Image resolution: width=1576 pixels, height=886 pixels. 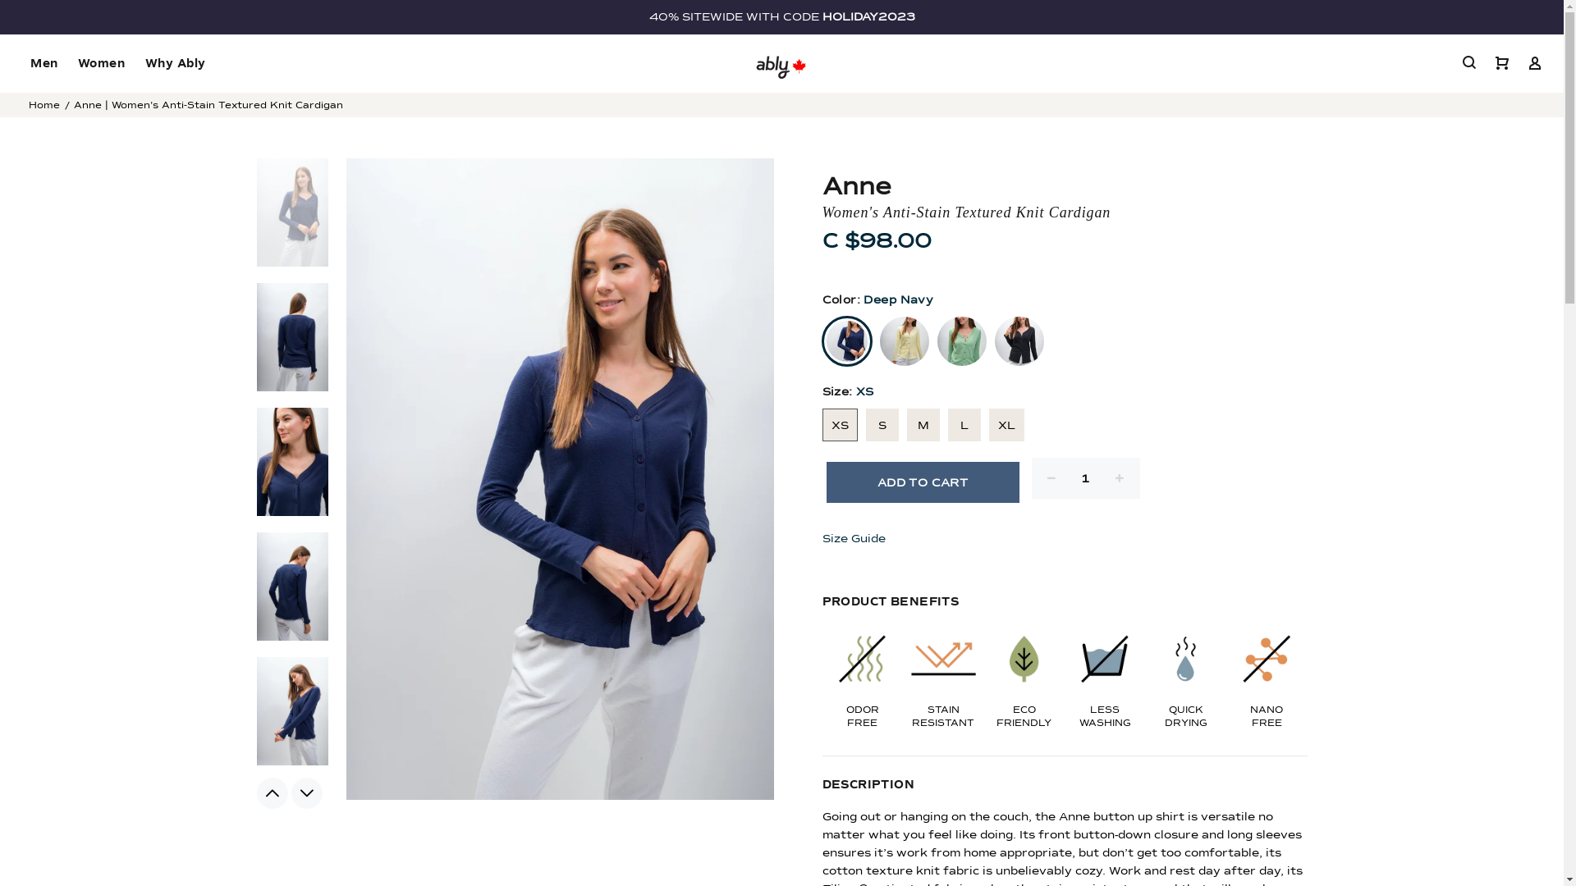 I want to click on 'Go to review', so click(x=1065, y=263).